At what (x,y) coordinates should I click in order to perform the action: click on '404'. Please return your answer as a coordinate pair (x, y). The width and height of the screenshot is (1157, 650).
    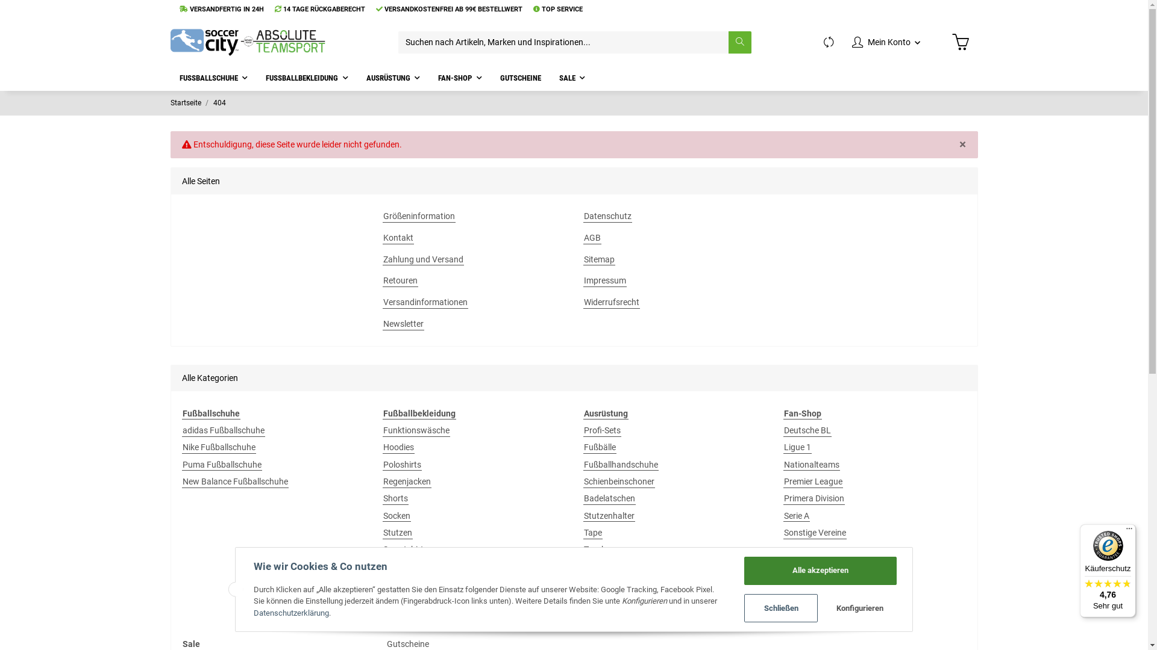
    Looking at the image, I should click on (219, 102).